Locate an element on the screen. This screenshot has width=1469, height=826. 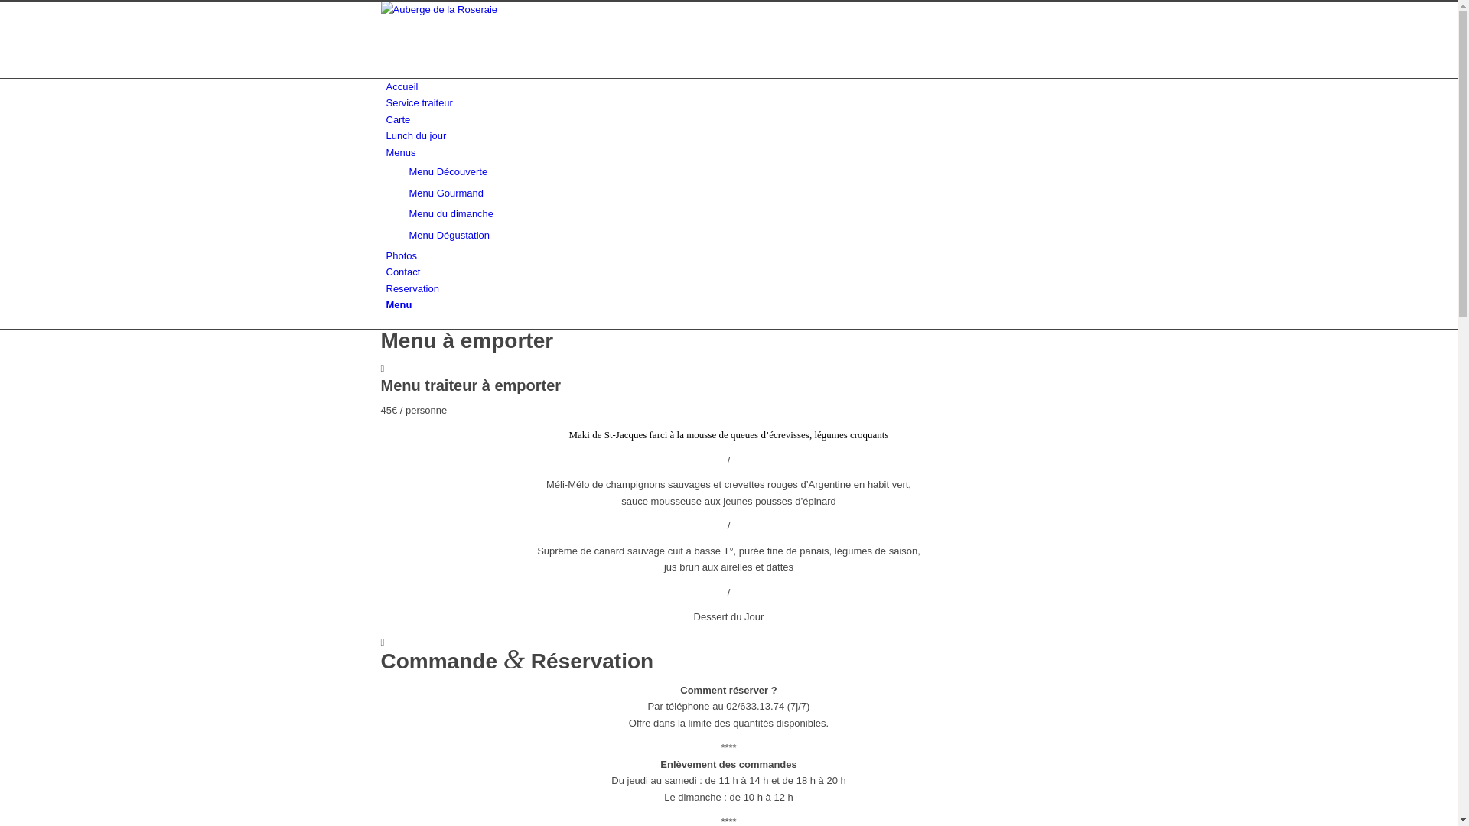
'aubergeroseraie_logo' is located at coordinates (496, 38).